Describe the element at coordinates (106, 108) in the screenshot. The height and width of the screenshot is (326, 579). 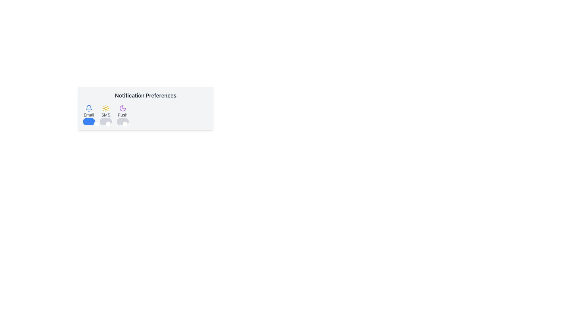
I see `the sun icon, which is yellow with radial beams and located above the 'SMS' text label and toggle switch` at that location.